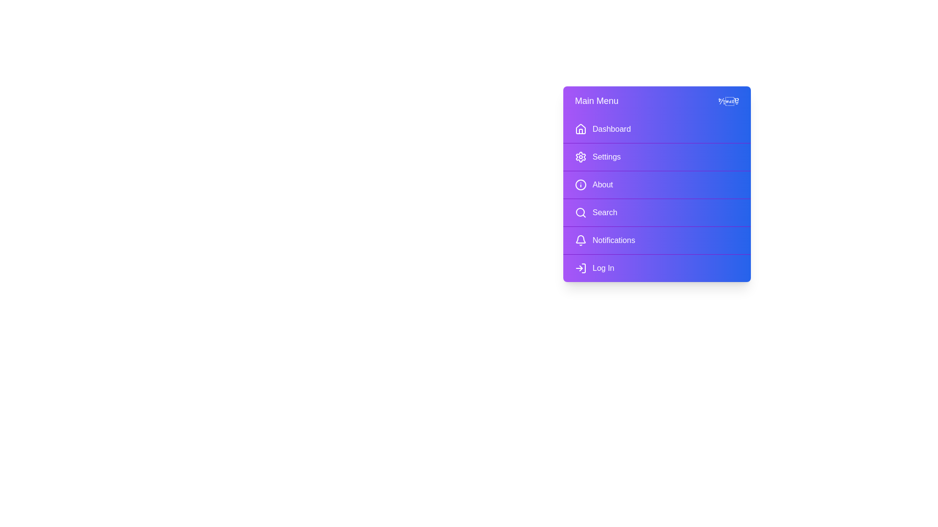 Image resolution: width=938 pixels, height=527 pixels. I want to click on the menu toggle button to toggle the menu open or closed, so click(657, 101).